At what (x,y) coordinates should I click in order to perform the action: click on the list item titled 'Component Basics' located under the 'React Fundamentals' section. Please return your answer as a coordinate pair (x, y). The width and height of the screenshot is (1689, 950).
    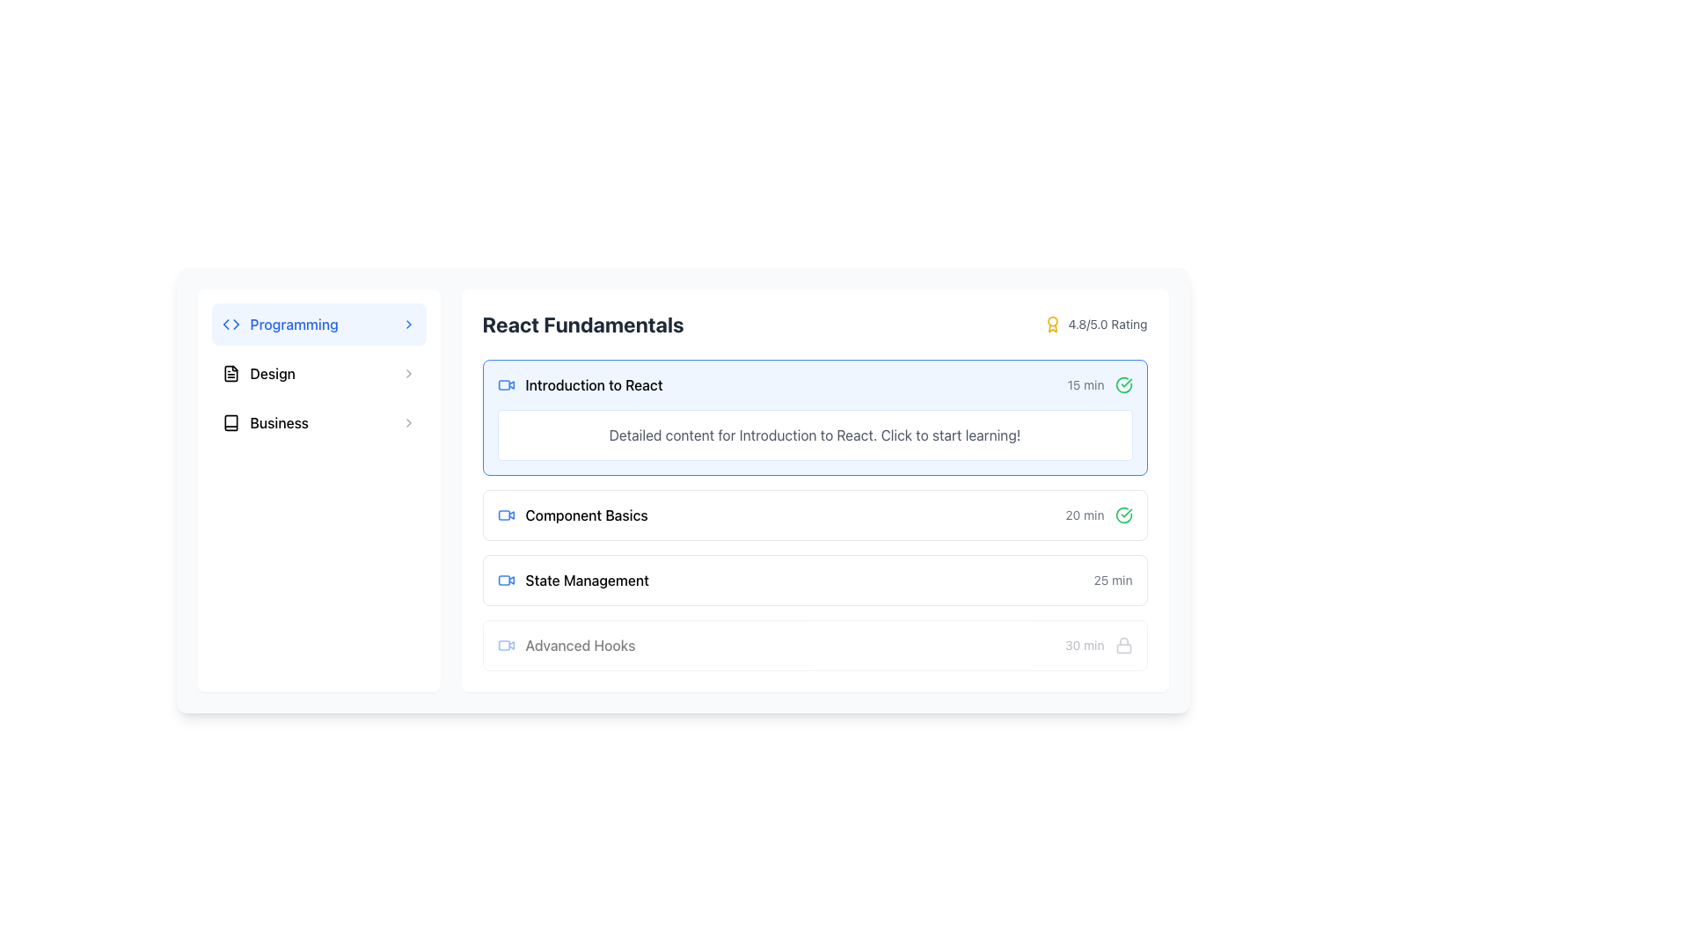
    Looking at the image, I should click on (814, 515).